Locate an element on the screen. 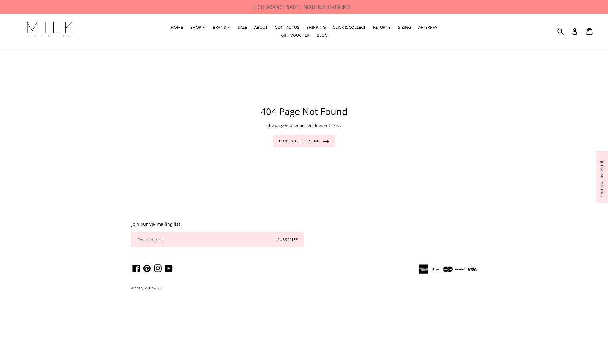 The image size is (608, 342). 'RETURNS' is located at coordinates (381, 27).